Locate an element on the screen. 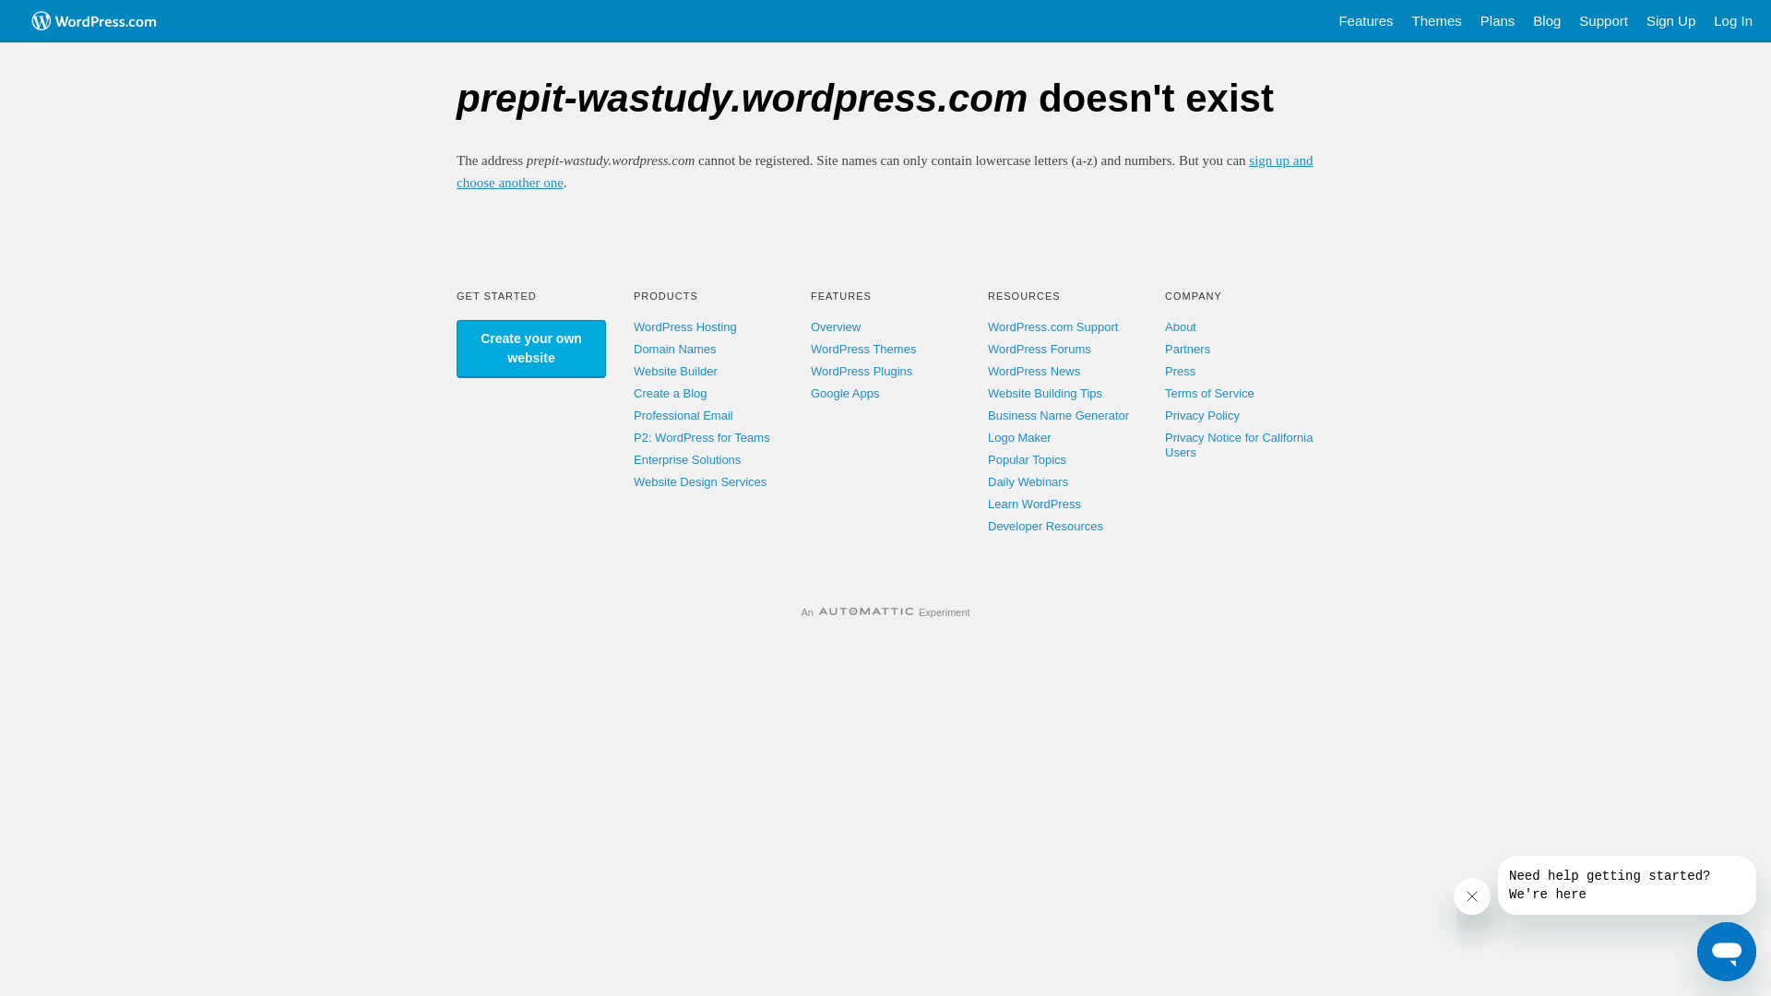 The height and width of the screenshot is (996, 1771). 'Automattic' is located at coordinates (865, 611).